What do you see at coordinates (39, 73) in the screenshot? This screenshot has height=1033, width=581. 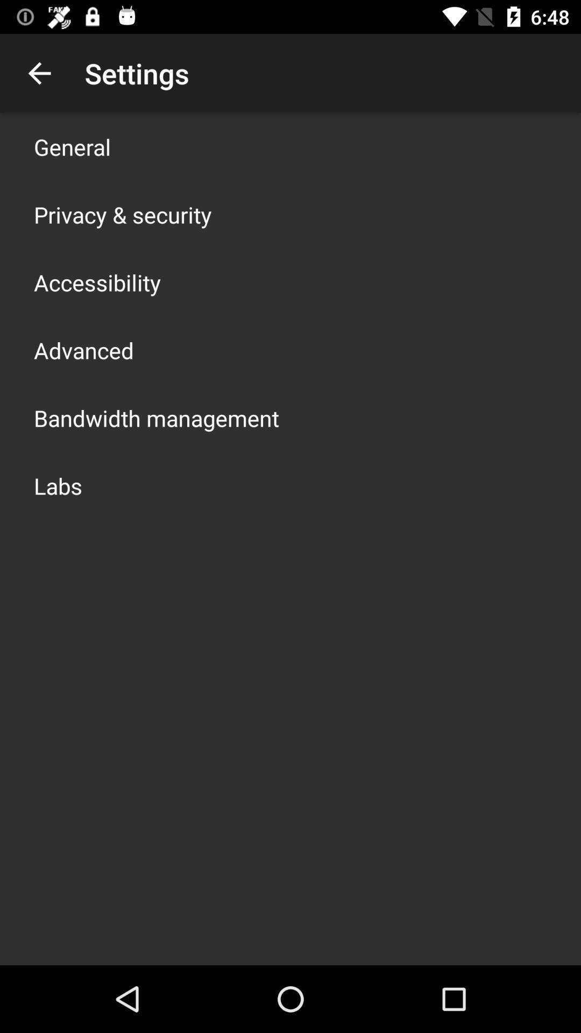 I see `the app above general item` at bounding box center [39, 73].